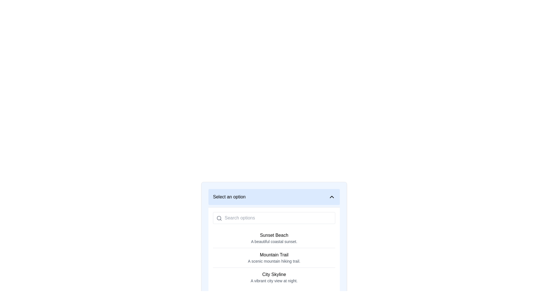  What do you see at coordinates (219, 218) in the screenshot?
I see `the circular icon within the magnifying glass SVG, located at the top-left corner of the dropdown menu interface` at bounding box center [219, 218].